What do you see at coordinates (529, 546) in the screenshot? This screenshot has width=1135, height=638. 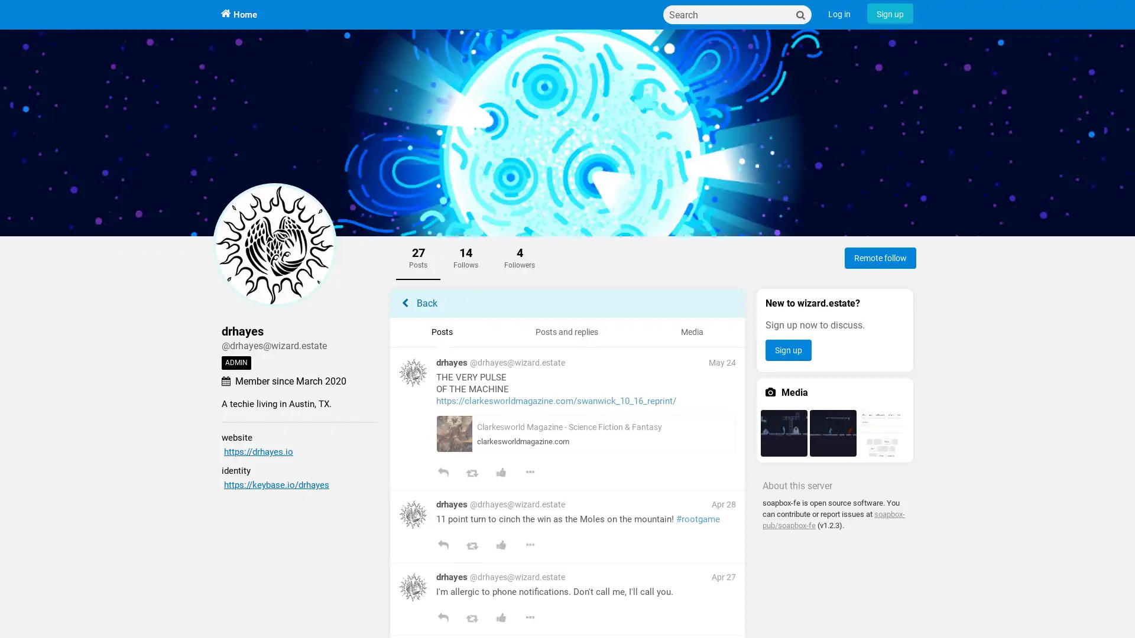 I see `More` at bounding box center [529, 546].